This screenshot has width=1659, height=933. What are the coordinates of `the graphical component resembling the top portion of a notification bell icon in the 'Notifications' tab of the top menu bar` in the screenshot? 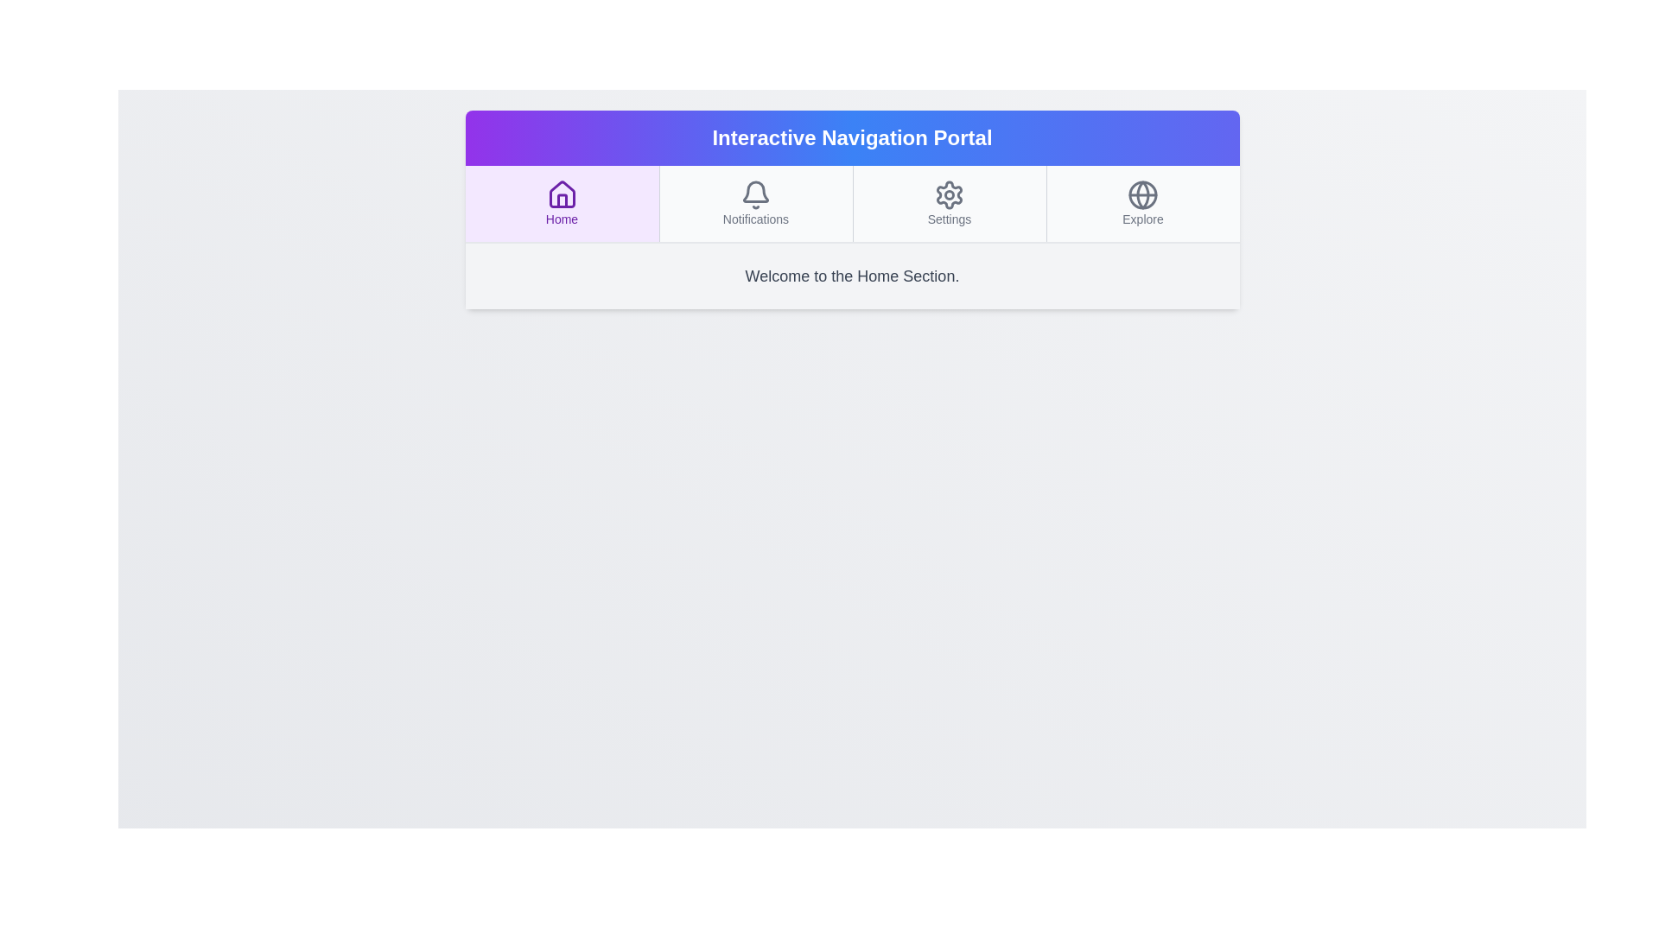 It's located at (755, 192).